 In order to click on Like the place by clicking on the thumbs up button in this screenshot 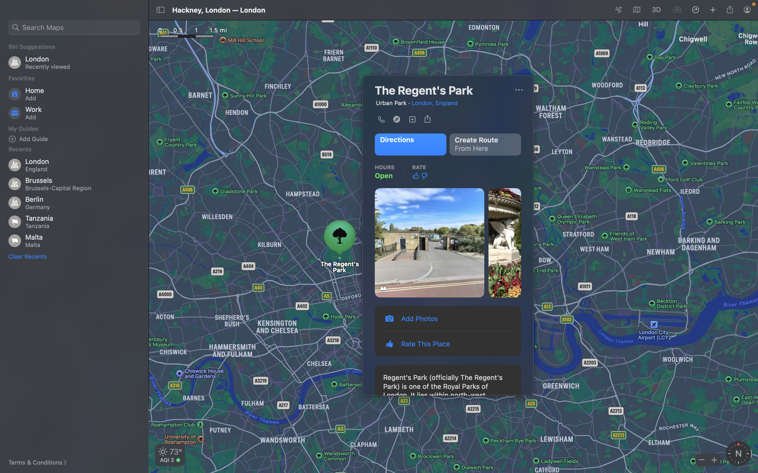, I will do `click(415, 175)`.